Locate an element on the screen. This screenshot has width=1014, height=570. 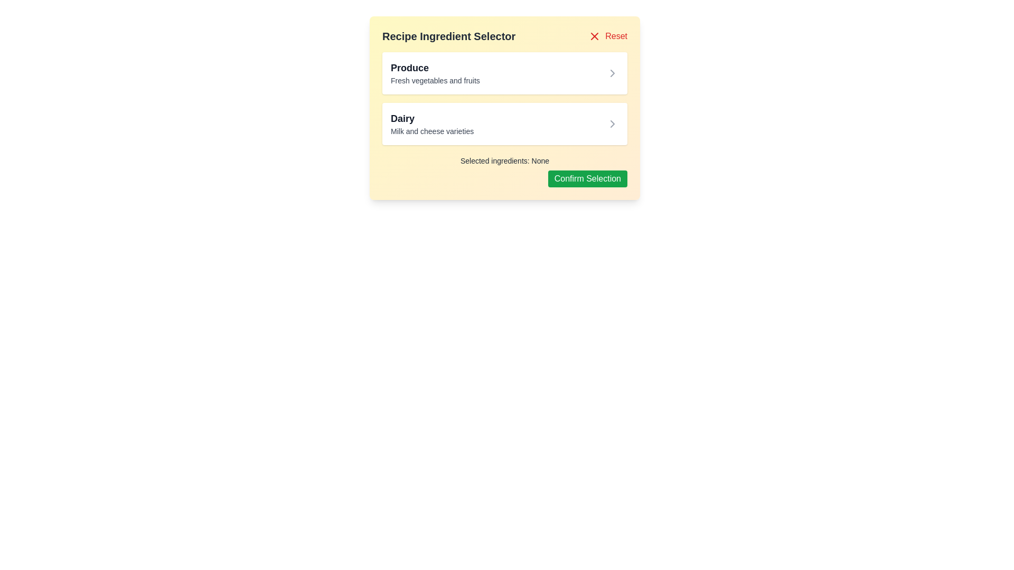
the first card section in the menu that represents 'Produce' is located at coordinates (504, 72).